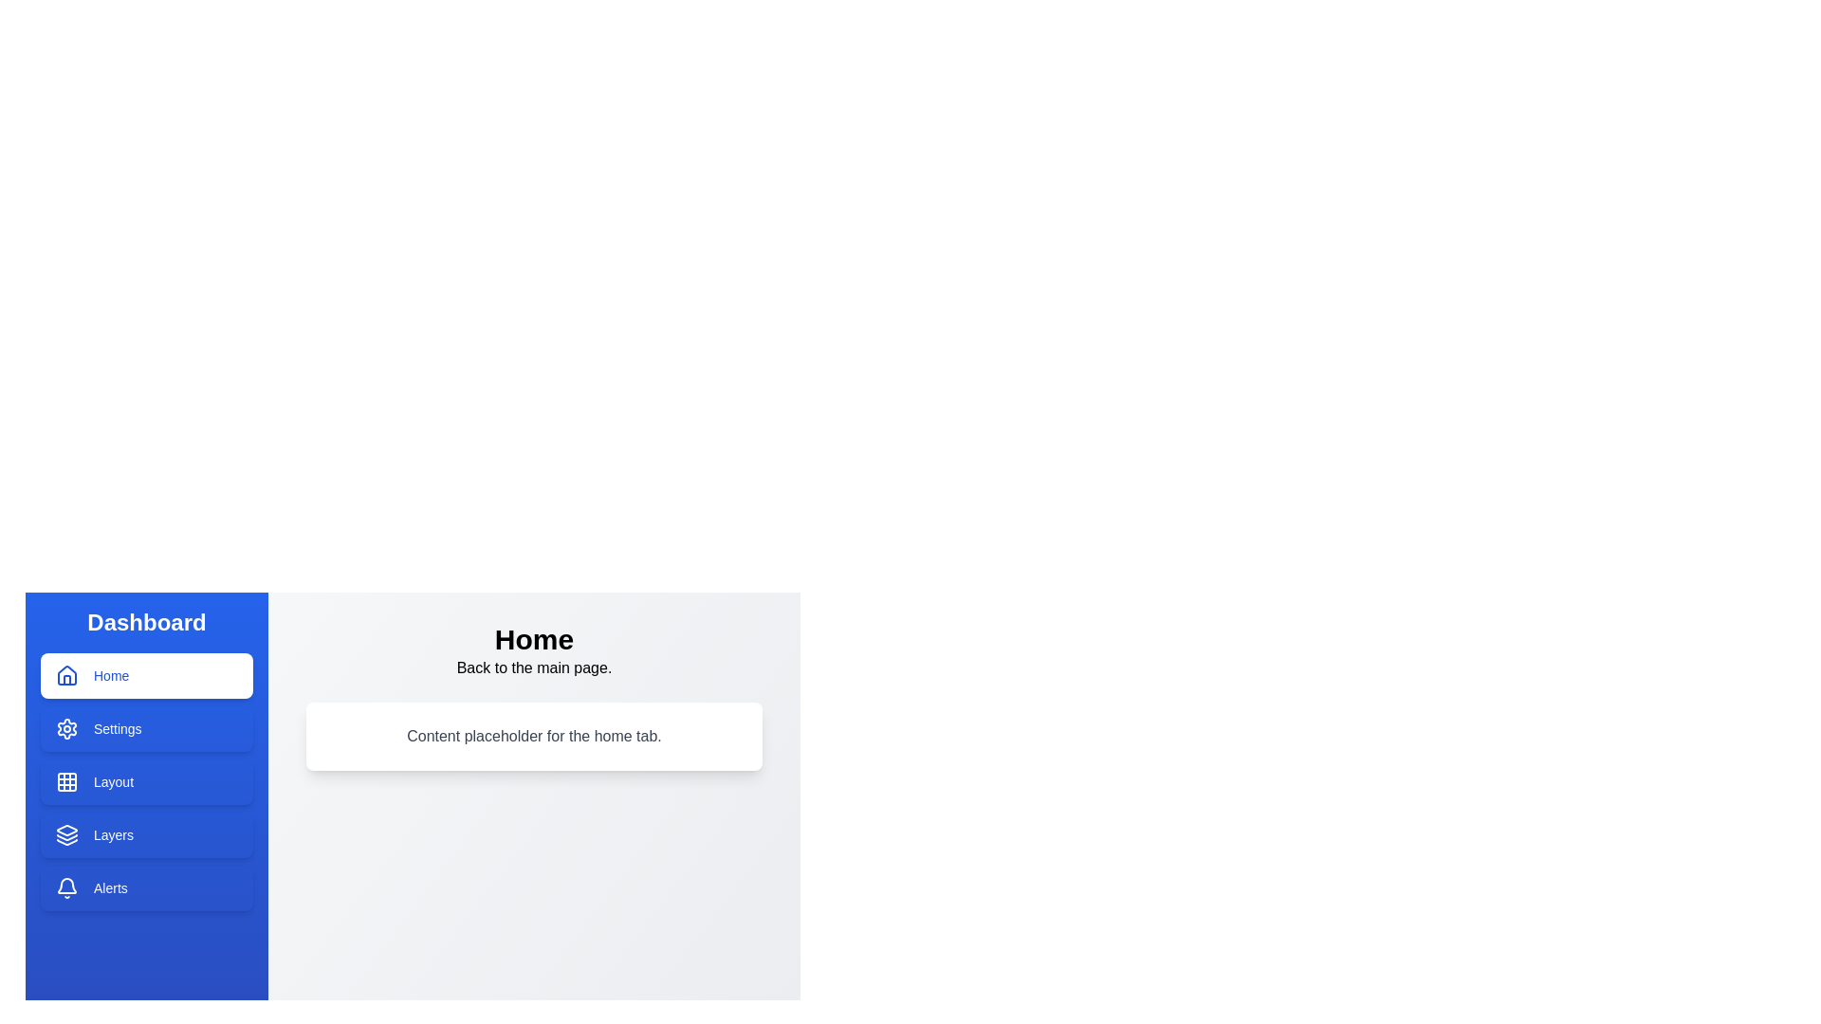 Image resolution: width=1821 pixels, height=1024 pixels. I want to click on the Layers tab to switch the displayed content, so click(145, 833).